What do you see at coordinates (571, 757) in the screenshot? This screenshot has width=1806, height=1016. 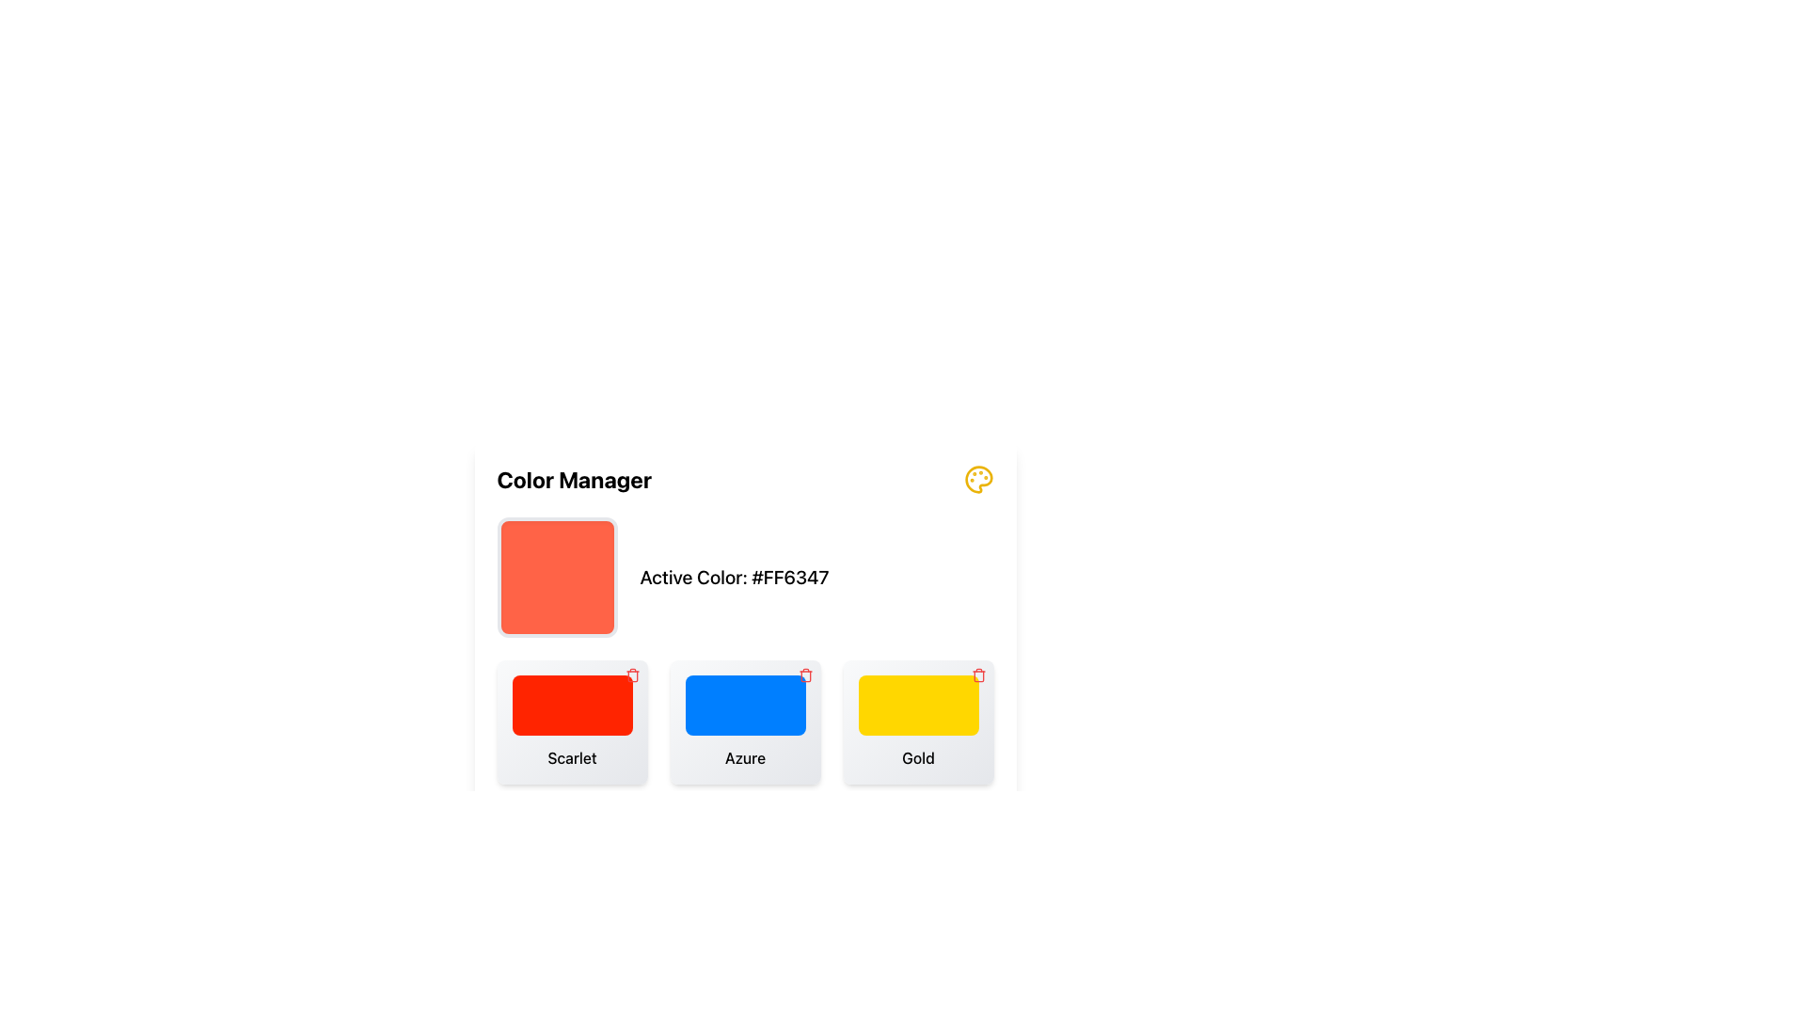 I see `the text element displaying 'Scarlet', which is centered below a red color block in a card-like layout` at bounding box center [571, 757].